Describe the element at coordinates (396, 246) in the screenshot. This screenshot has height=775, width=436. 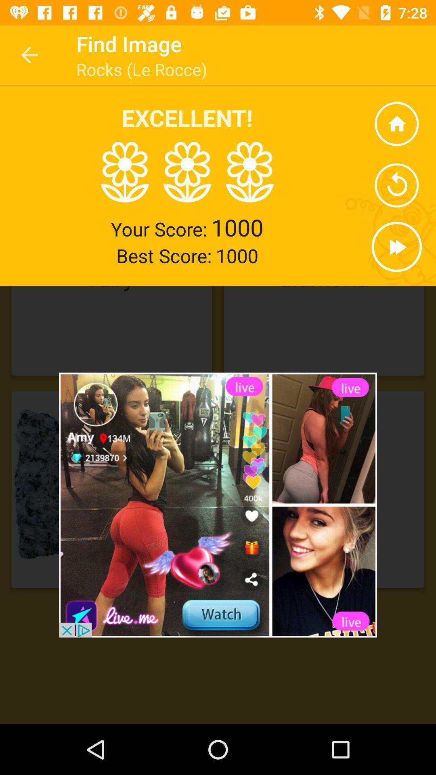
I see `the av_forward icon` at that location.